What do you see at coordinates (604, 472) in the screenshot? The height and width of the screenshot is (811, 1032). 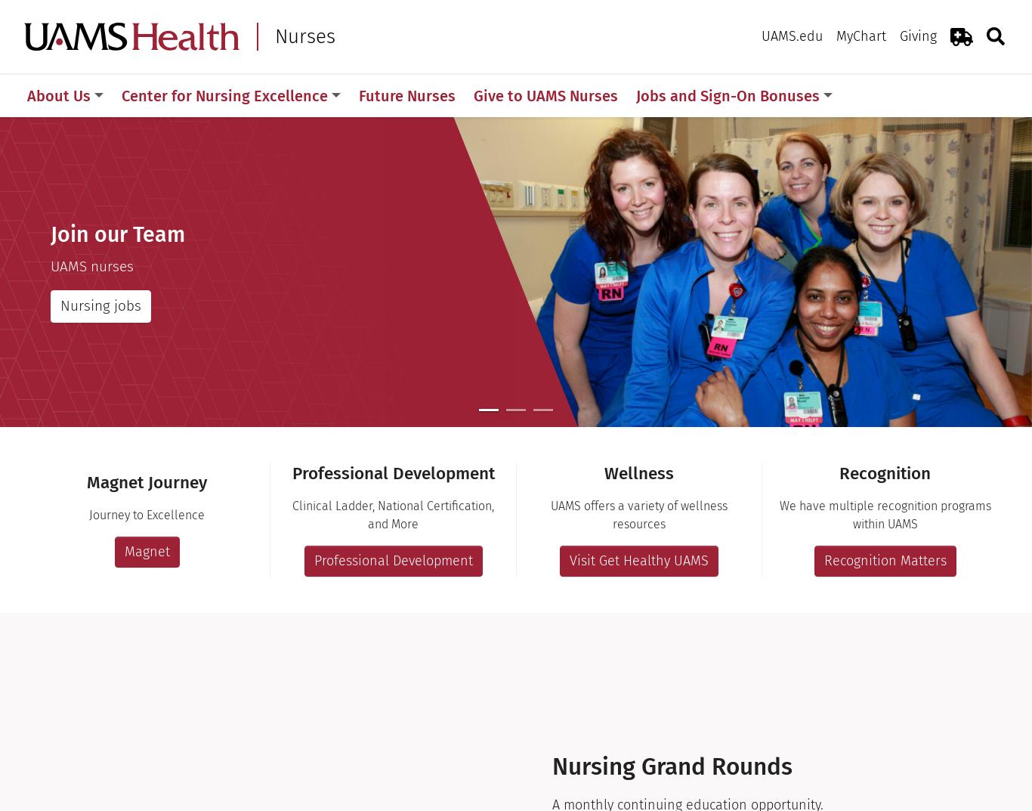 I see `'Wellness'` at bounding box center [604, 472].